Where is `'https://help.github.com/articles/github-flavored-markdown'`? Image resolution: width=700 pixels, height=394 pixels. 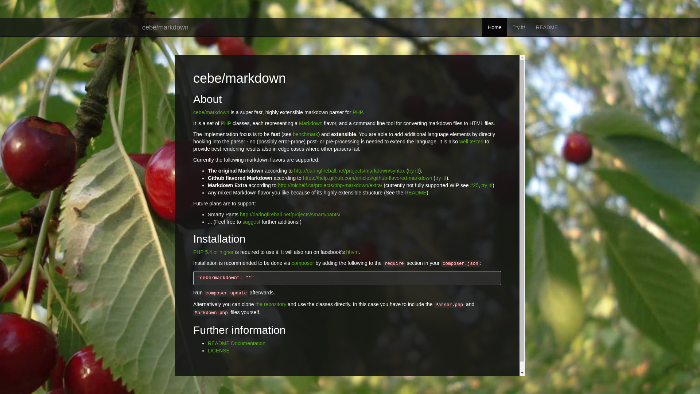
'https://help.github.com/articles/github-flavored-markdown' is located at coordinates (367, 178).